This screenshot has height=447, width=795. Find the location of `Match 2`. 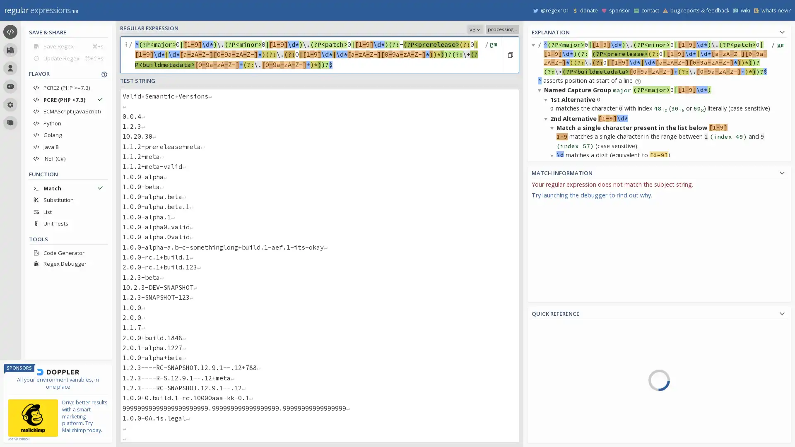

Match 2 is located at coordinates (554, 257).